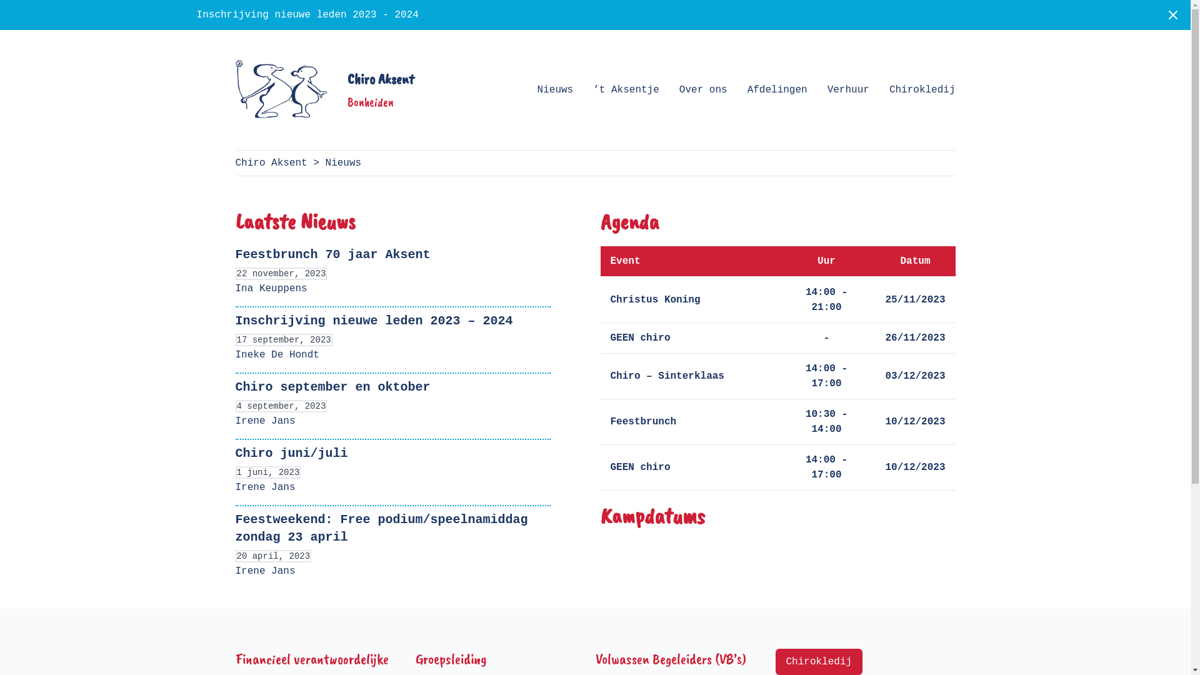 The height and width of the screenshot is (675, 1200). What do you see at coordinates (332, 386) in the screenshot?
I see `'Chiro september en oktober'` at bounding box center [332, 386].